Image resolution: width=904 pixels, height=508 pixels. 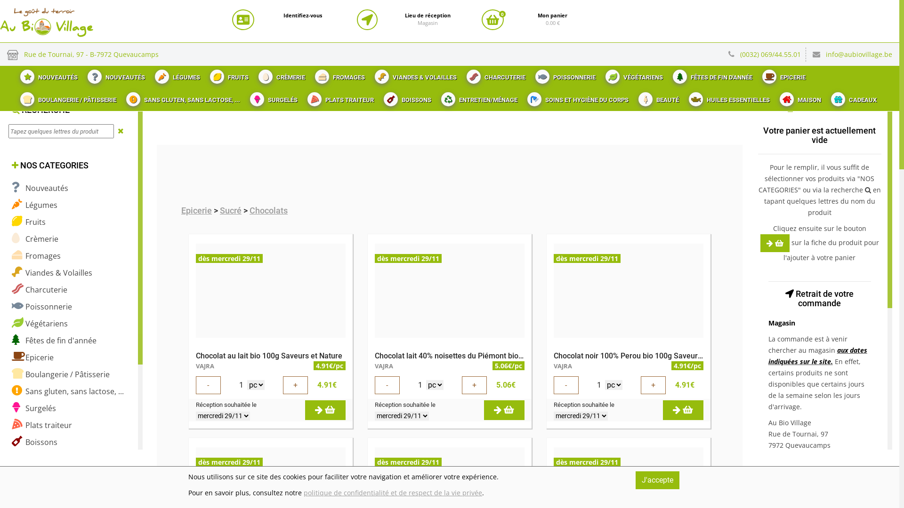 I want to click on 'info@aubiovillage.be', so click(x=859, y=54).